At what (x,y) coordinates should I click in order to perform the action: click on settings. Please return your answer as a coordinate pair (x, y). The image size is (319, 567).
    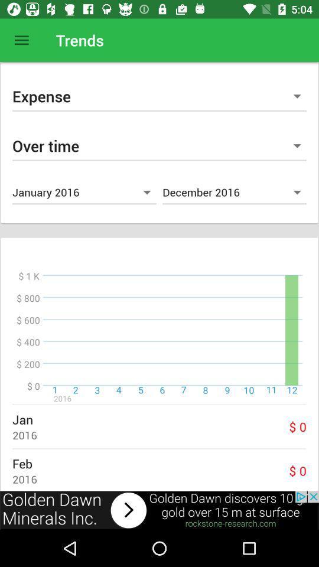
    Looking at the image, I should click on (21, 40).